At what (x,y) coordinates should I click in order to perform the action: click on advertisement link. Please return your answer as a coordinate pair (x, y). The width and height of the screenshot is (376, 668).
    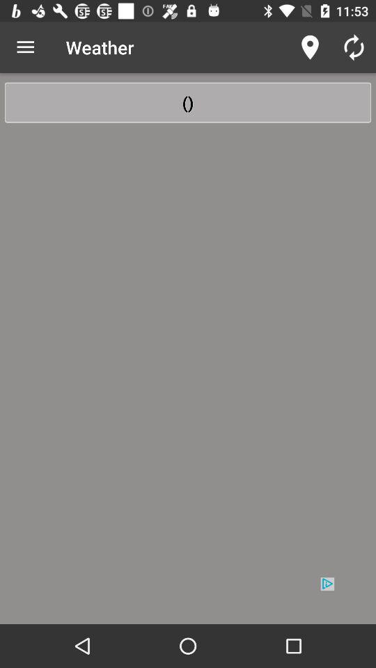
    Looking at the image, I should click on (188, 599).